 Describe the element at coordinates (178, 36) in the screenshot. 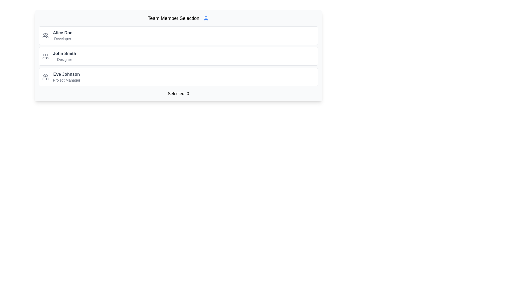

I see `the first list item representing user 'Alice Doe'` at that location.